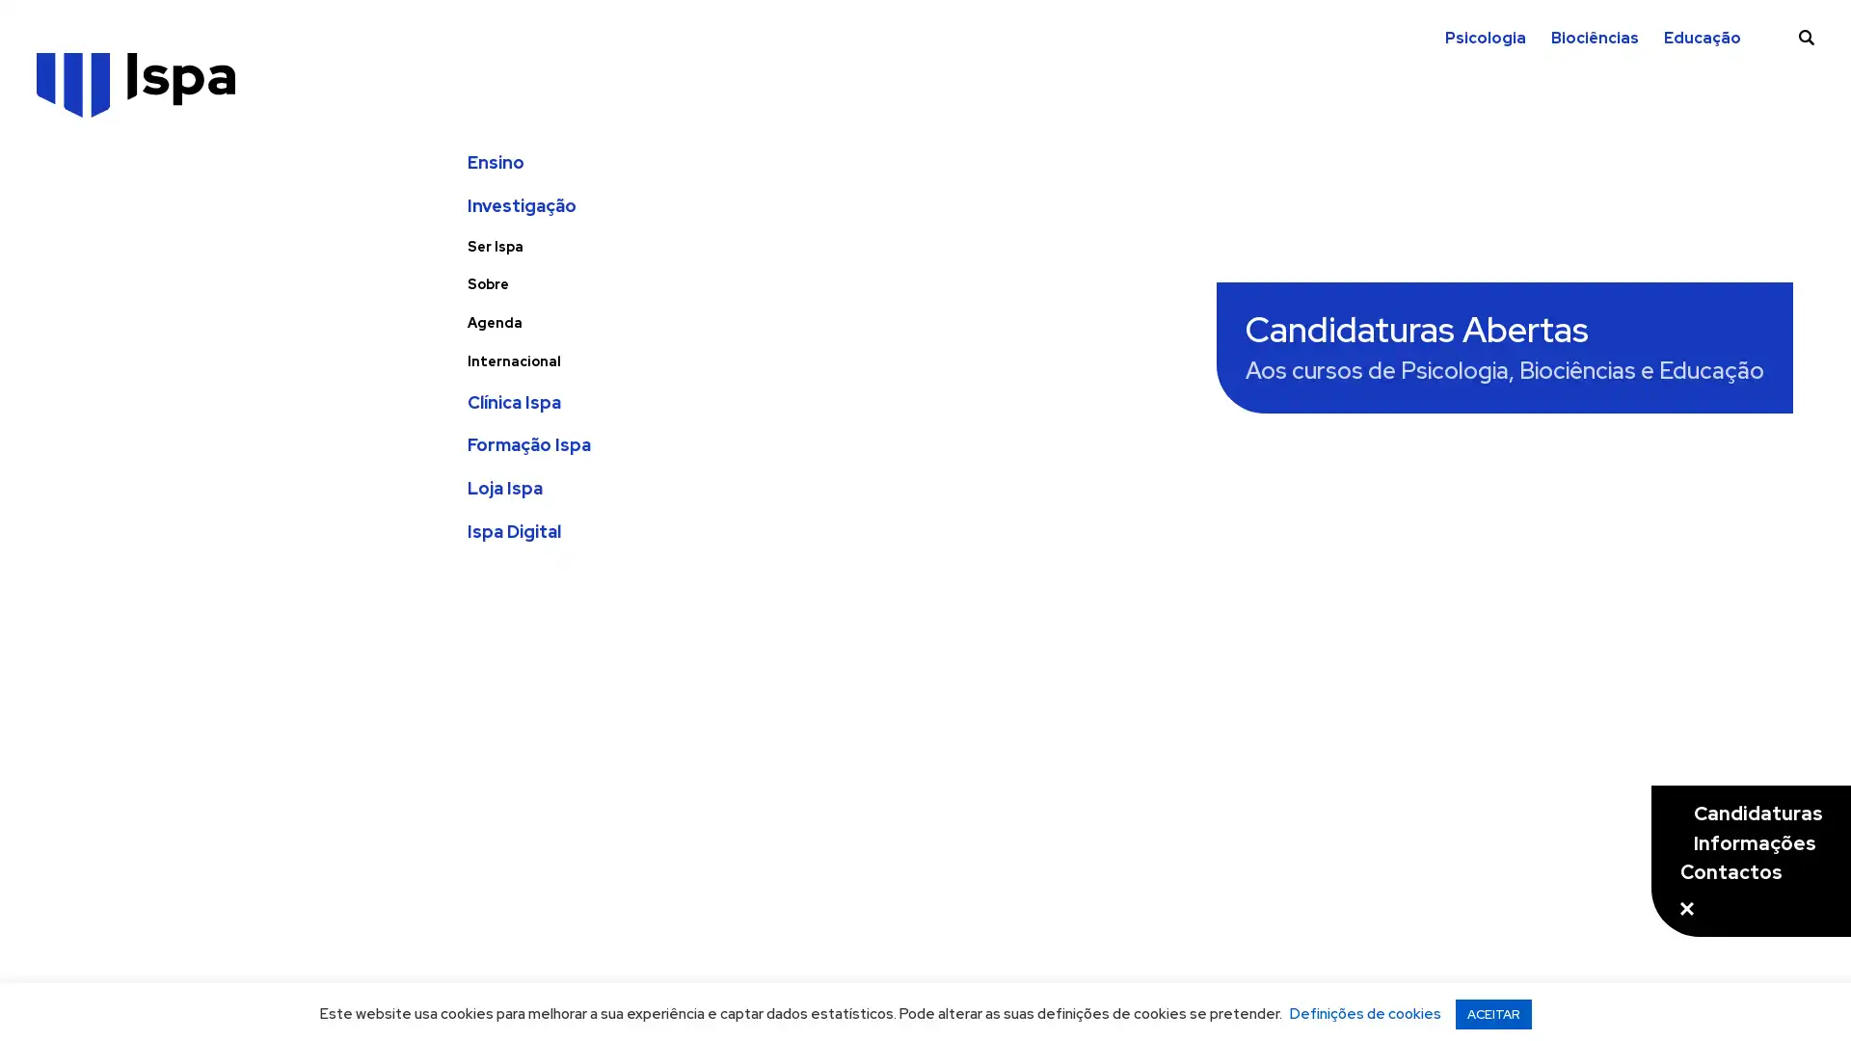 Image resolution: width=1851 pixels, height=1041 pixels. What do you see at coordinates (1491, 1013) in the screenshot?
I see `ACEITAR` at bounding box center [1491, 1013].